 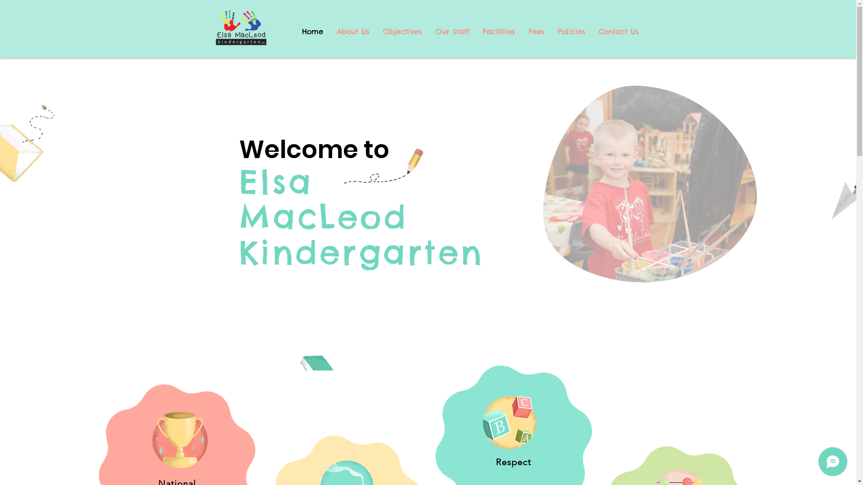 I want to click on 'Our Staff', so click(x=452, y=31).